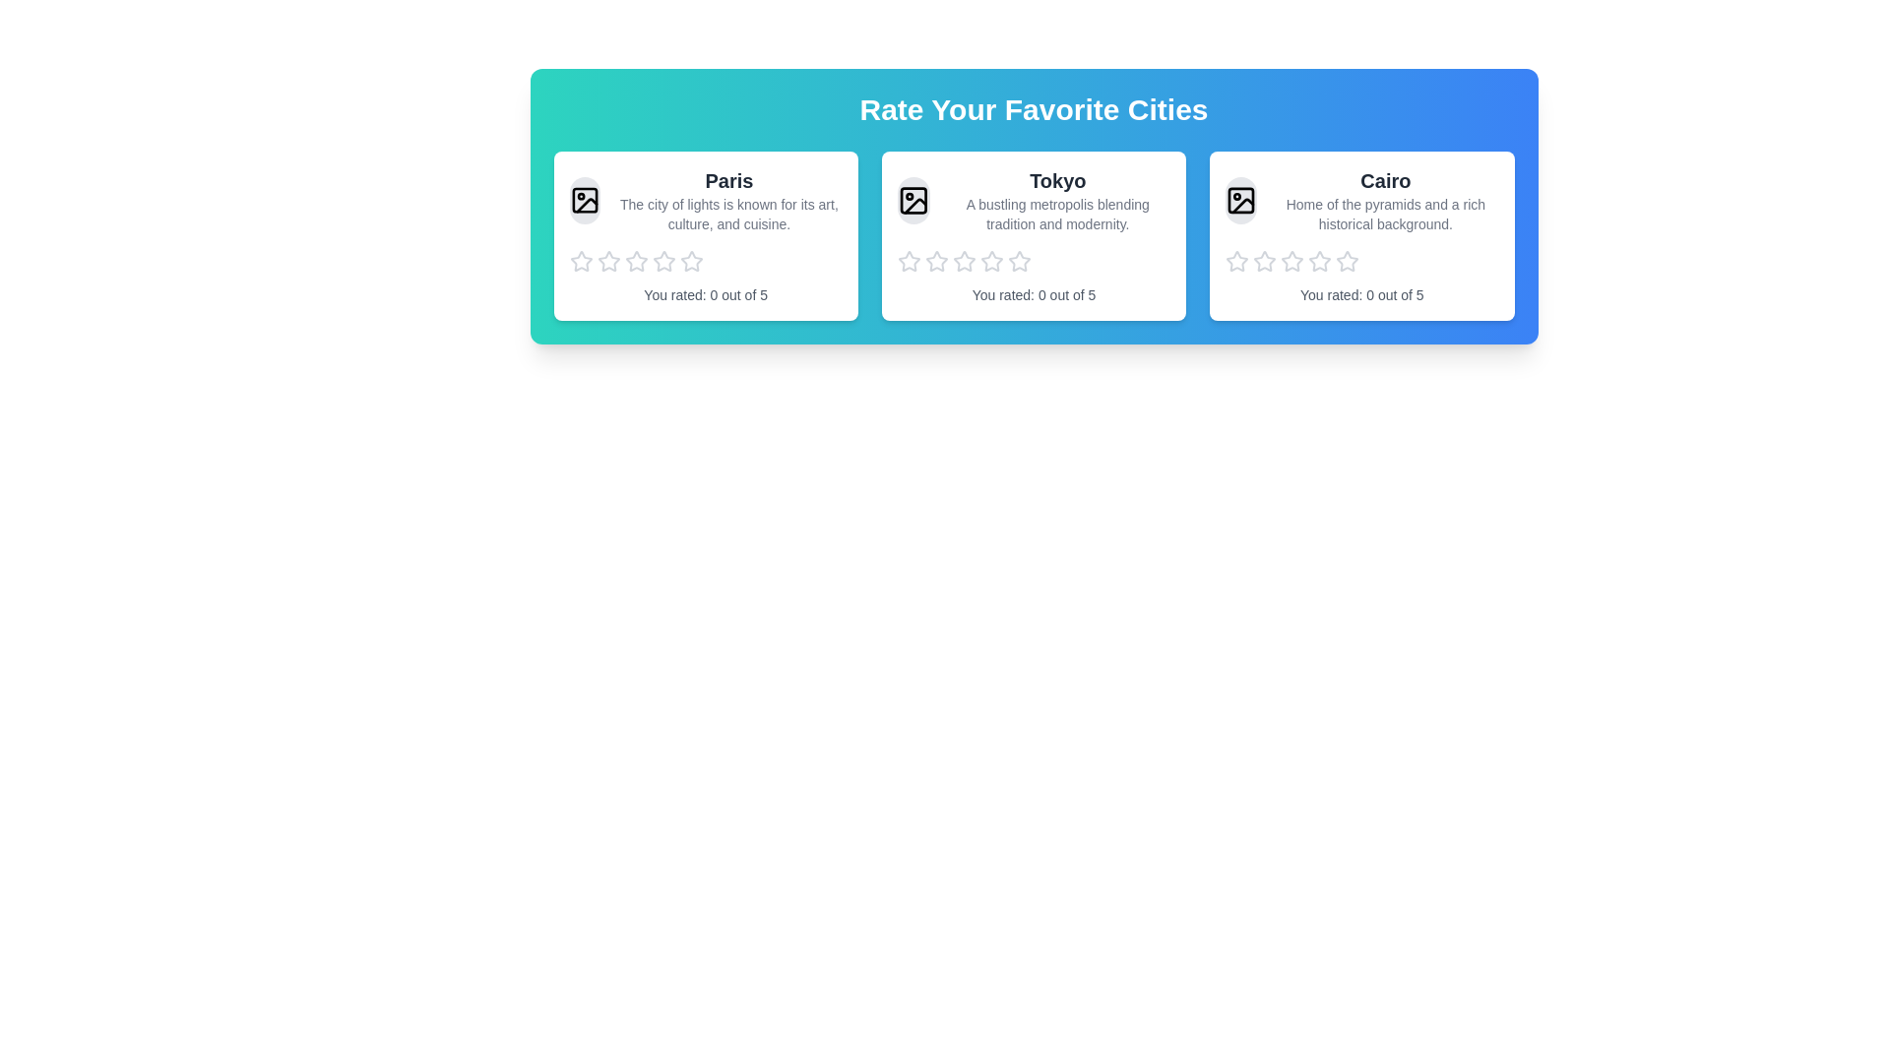 Image resolution: width=1890 pixels, height=1063 pixels. I want to click on the SVG Icon depicting a mountain range with a glowing sky, centrally located within the circular icon area of the 'Tokyo' card in the second row of cards, so click(914, 206).